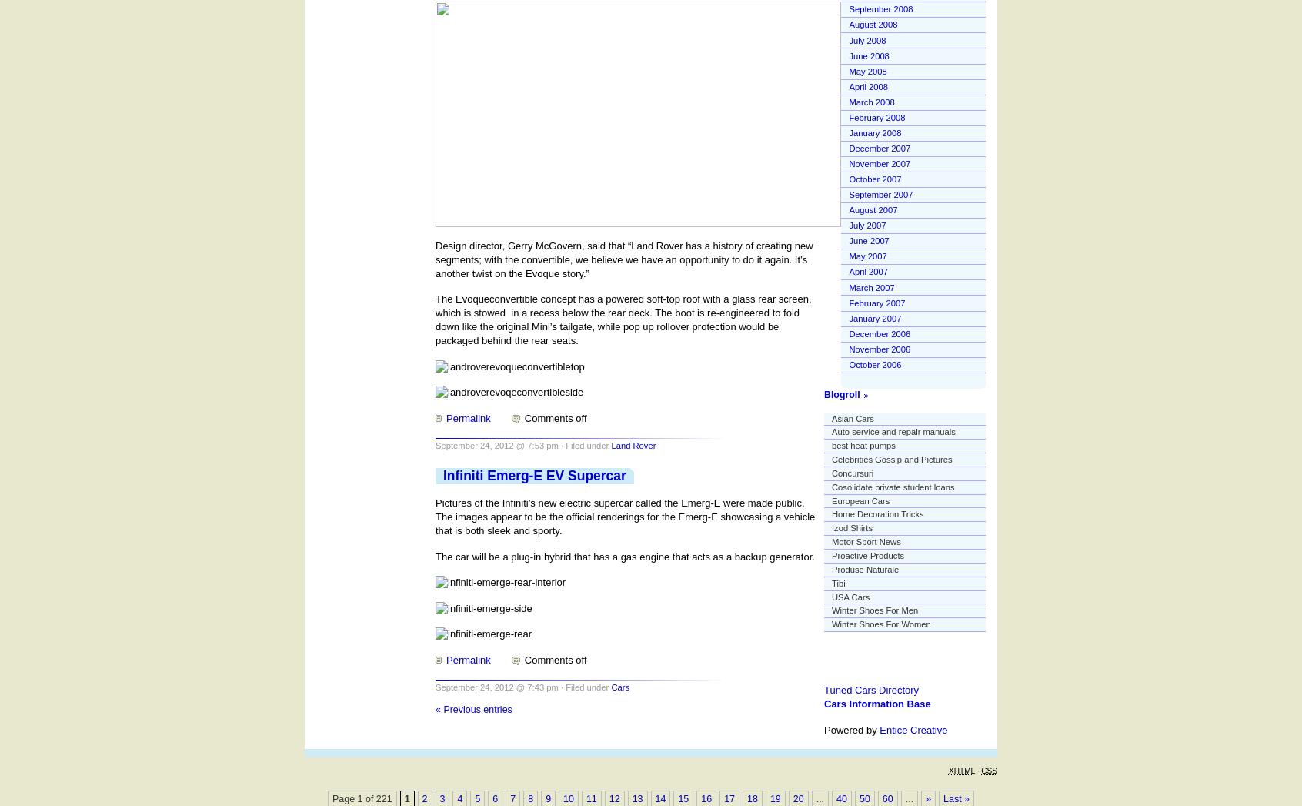 This screenshot has height=806, width=1302. What do you see at coordinates (874, 609) in the screenshot?
I see `'Winter Shoes For Men'` at bounding box center [874, 609].